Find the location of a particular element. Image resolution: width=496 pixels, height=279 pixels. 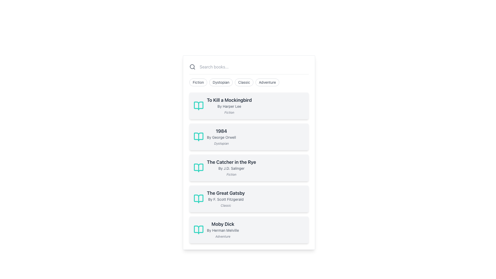

the first button in the horizontal arrangement, which serves as a filter for the 'Fiction' category is located at coordinates (198, 82).